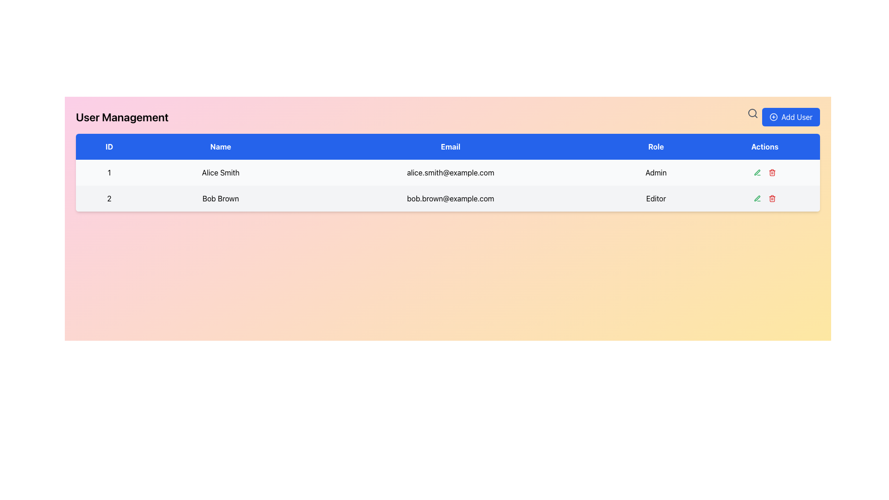 Image resolution: width=889 pixels, height=500 pixels. What do you see at coordinates (773, 117) in the screenshot?
I see `the decorative plus icon located inside the 'Add User' button, positioned to the left of the button text` at bounding box center [773, 117].